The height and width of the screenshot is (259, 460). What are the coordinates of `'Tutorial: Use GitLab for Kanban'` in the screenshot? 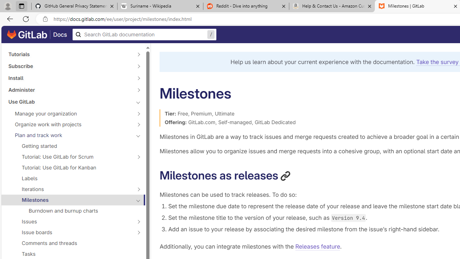 It's located at (73, 167).